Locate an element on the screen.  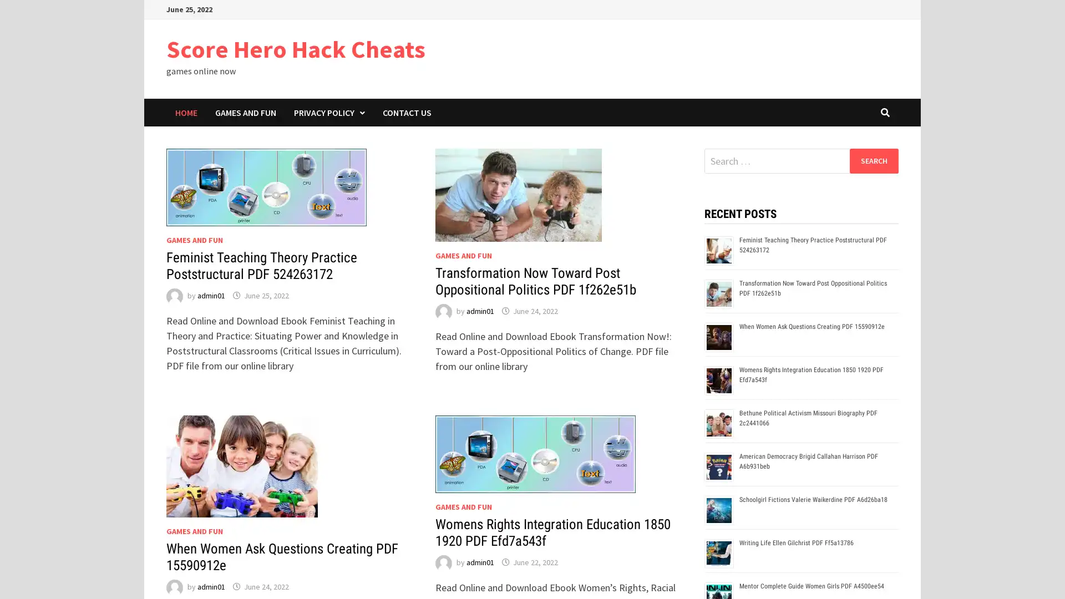
Search is located at coordinates (873, 160).